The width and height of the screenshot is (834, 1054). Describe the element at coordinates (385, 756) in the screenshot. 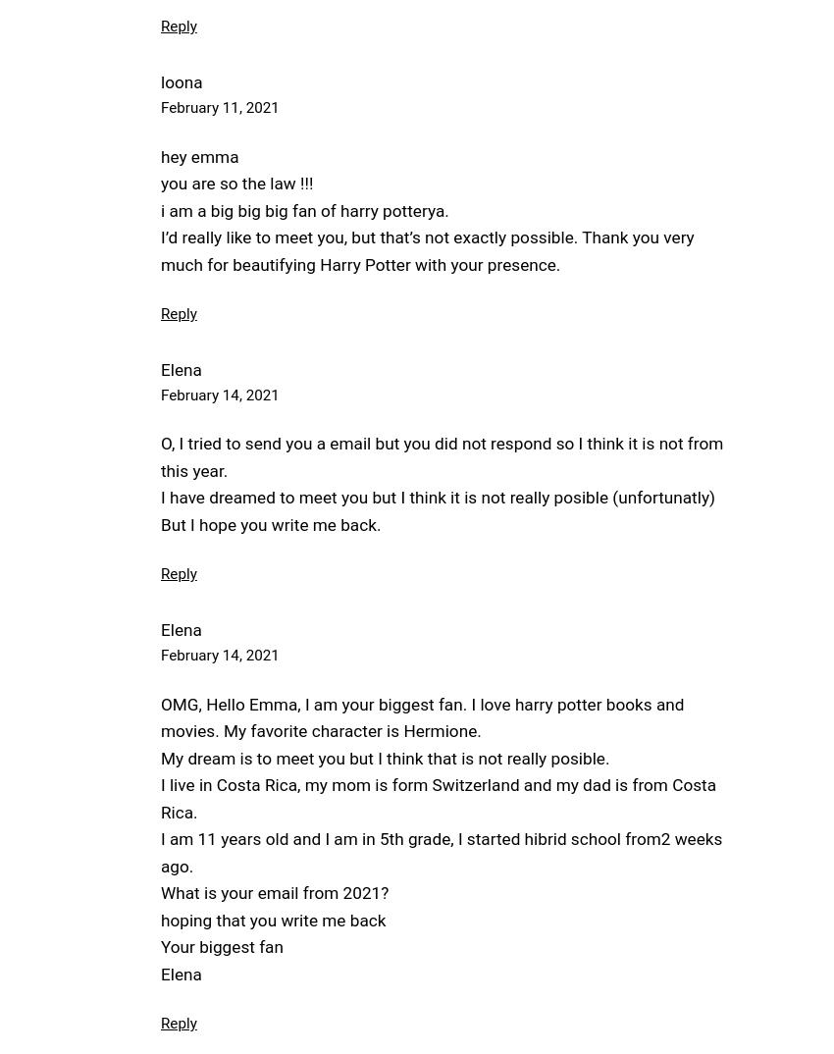

I see `'My dream is to meet you but I think that is not really posible.'` at that location.